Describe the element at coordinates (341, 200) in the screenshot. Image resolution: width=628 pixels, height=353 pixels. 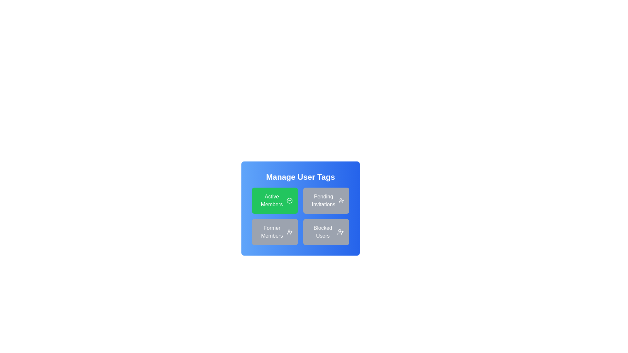
I see `the icon button with a plus sign next to 'Pending Invitations'` at that location.